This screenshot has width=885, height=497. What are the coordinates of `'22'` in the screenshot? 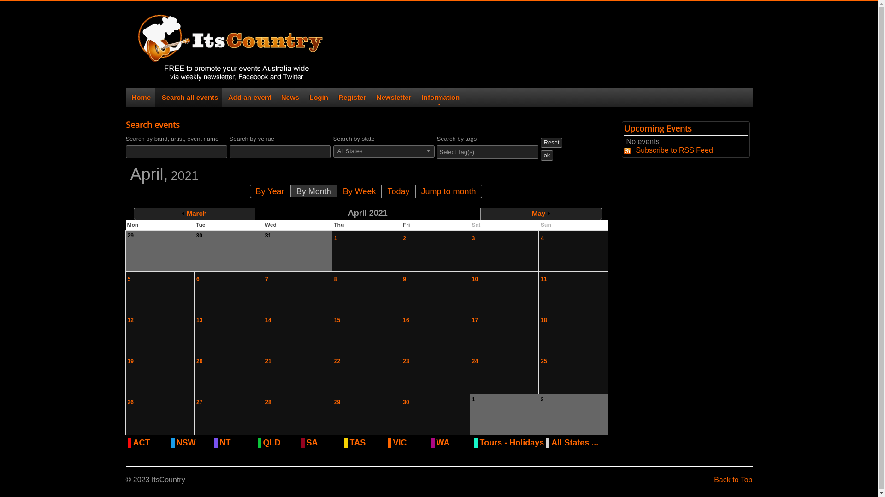 It's located at (336, 361).